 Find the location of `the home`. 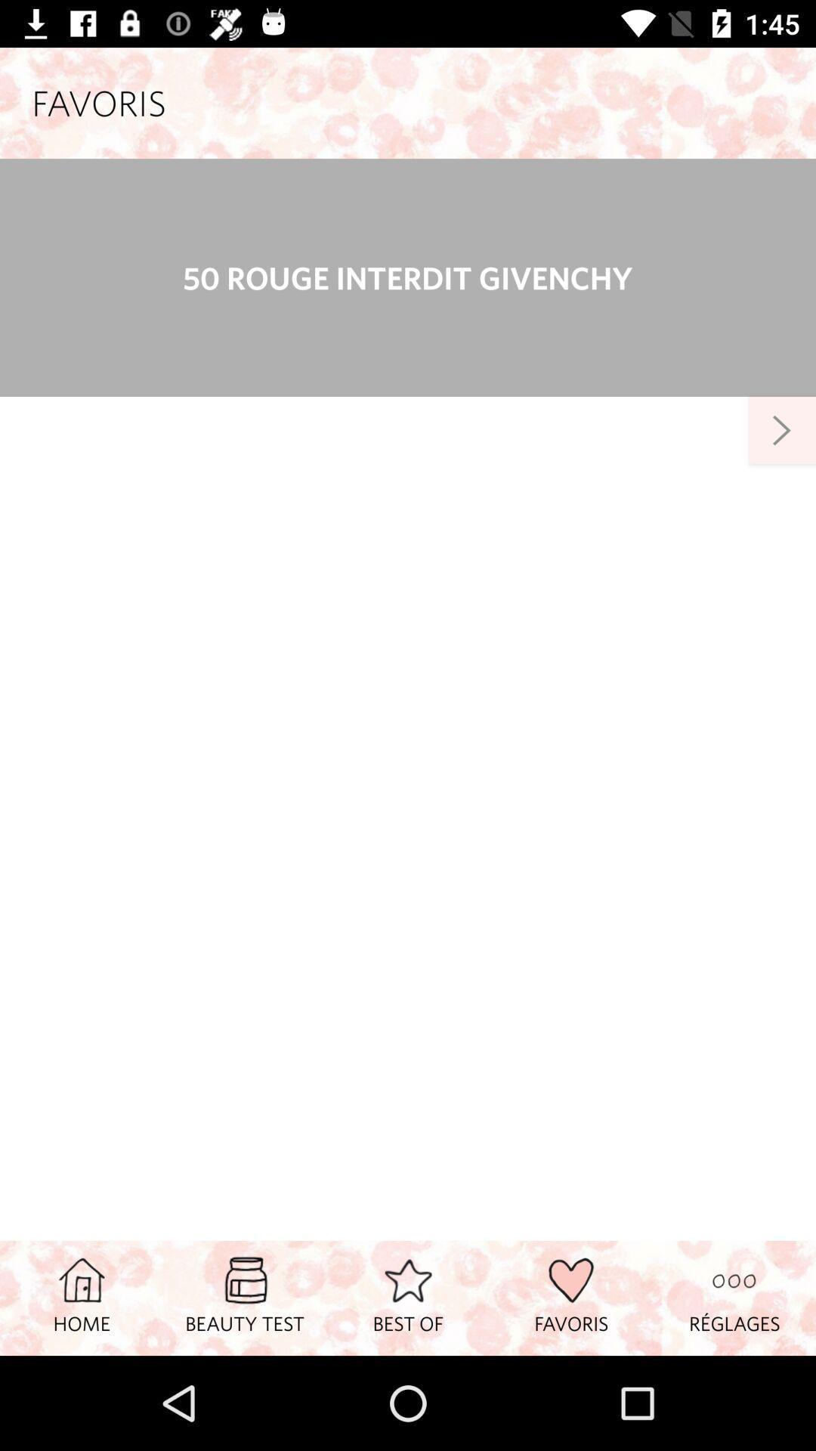

the home is located at coordinates (82, 1297).